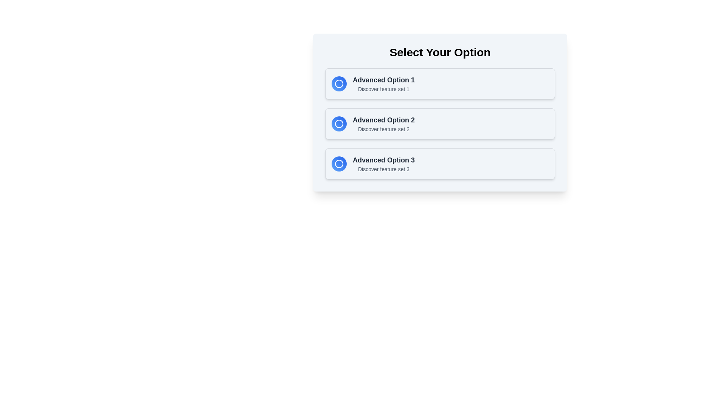 This screenshot has height=408, width=726. What do you see at coordinates (384, 164) in the screenshot?
I see `the third option Text label in the selection interface, which provides a title and description, located to the right of a circular icon with a gradient blue background and a white outline` at bounding box center [384, 164].